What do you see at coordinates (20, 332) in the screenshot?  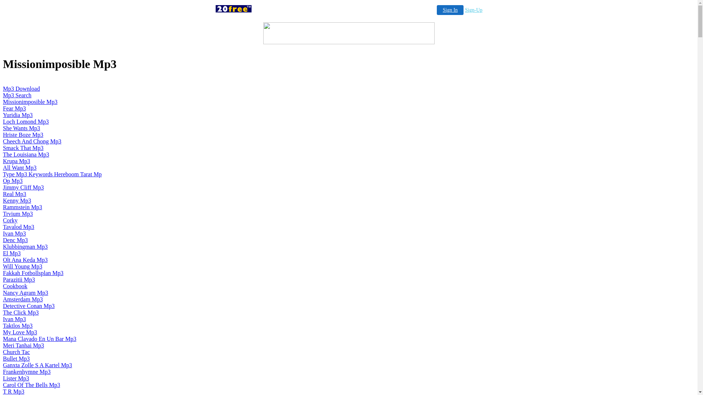 I see `'My Love Mp3'` at bounding box center [20, 332].